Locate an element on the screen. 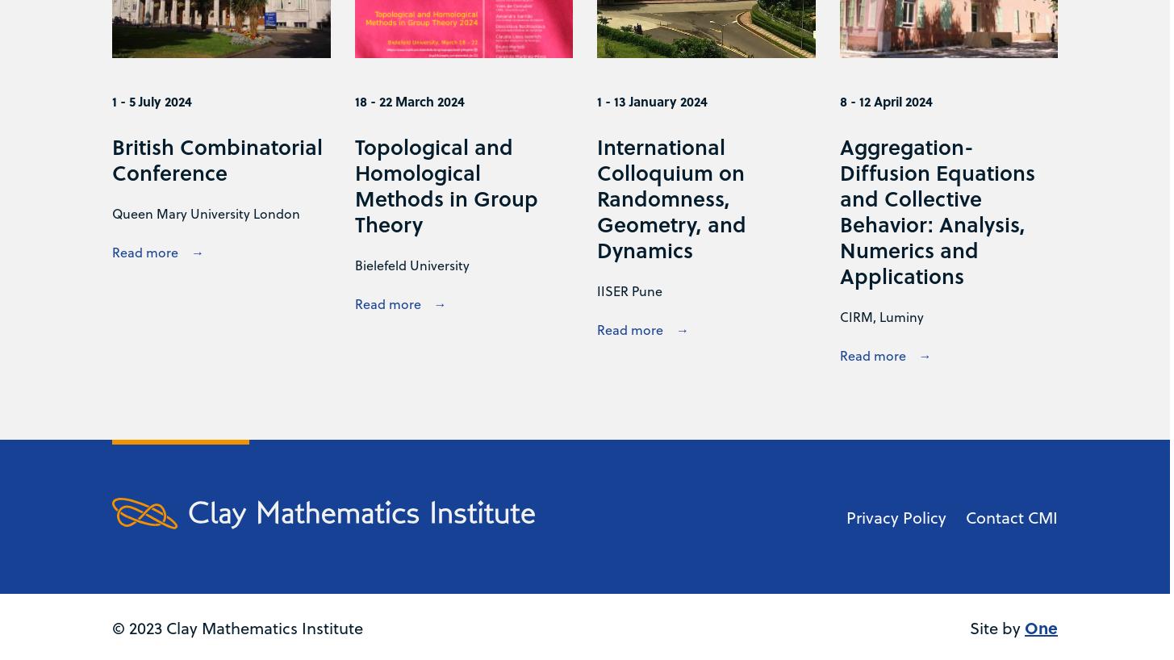 This screenshot has height=660, width=1174. 'Aggregation-Diffusion Equations and Collective Behavior: Analysis, Numerics and Applications' is located at coordinates (935, 210).